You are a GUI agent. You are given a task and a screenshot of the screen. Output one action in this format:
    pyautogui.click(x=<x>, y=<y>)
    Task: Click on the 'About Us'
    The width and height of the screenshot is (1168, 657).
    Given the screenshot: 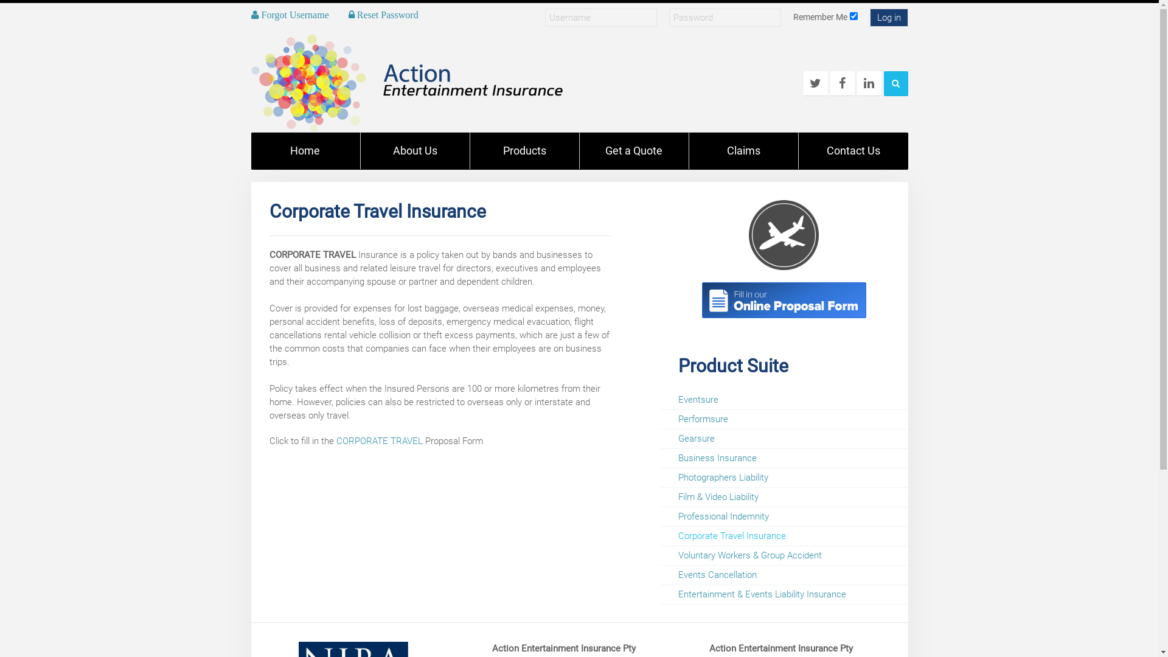 What is the action you would take?
    pyautogui.click(x=414, y=150)
    